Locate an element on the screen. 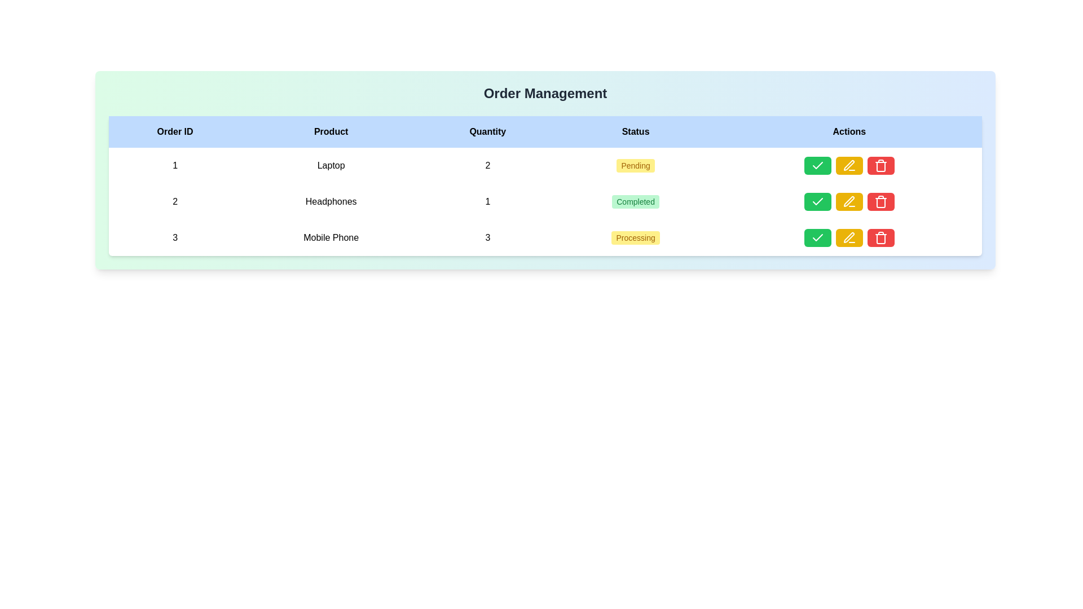 This screenshot has width=1083, height=609. the 'Actions' table header, which is a bold black text element centrally aligned on a light blue background, located in the upper-right corner of the table header row is located at coordinates (849, 131).